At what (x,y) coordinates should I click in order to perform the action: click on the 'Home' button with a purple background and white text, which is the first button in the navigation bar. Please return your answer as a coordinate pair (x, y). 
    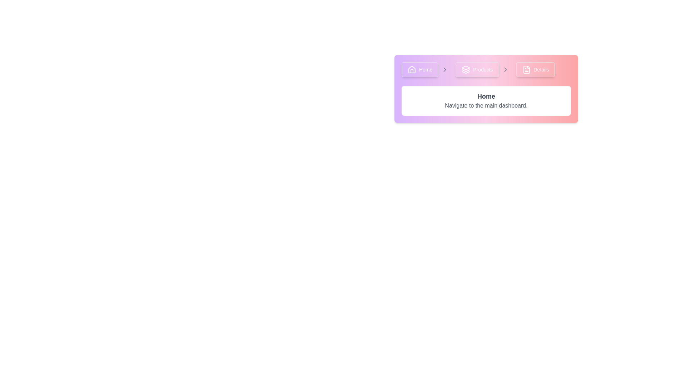
    Looking at the image, I should click on (420, 70).